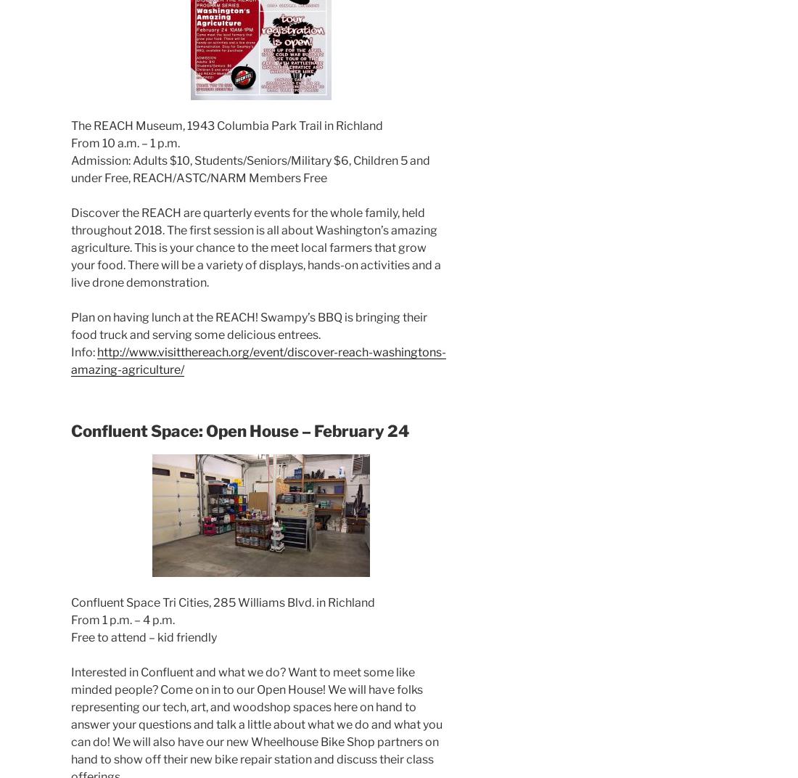 The height and width of the screenshot is (778, 798). Describe the element at coordinates (143, 637) in the screenshot. I see `'Free to attend – kid friendly'` at that location.